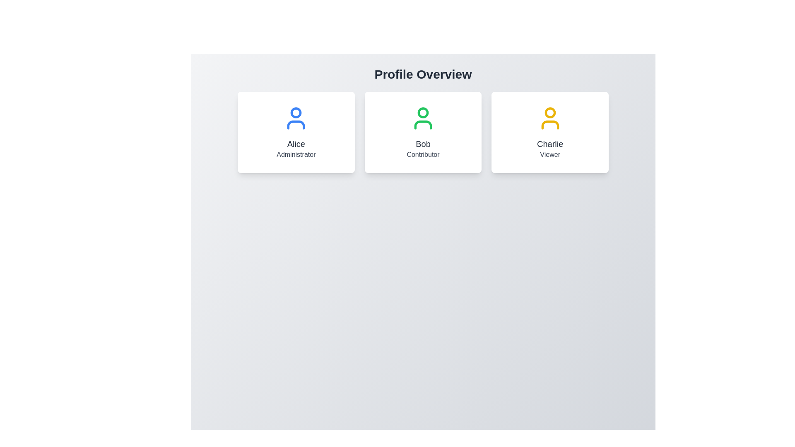 This screenshot has height=447, width=795. I want to click on the circular graphic element with a green outline and white fill, located within the user icon representing 'Bob Contributor', so click(423, 113).